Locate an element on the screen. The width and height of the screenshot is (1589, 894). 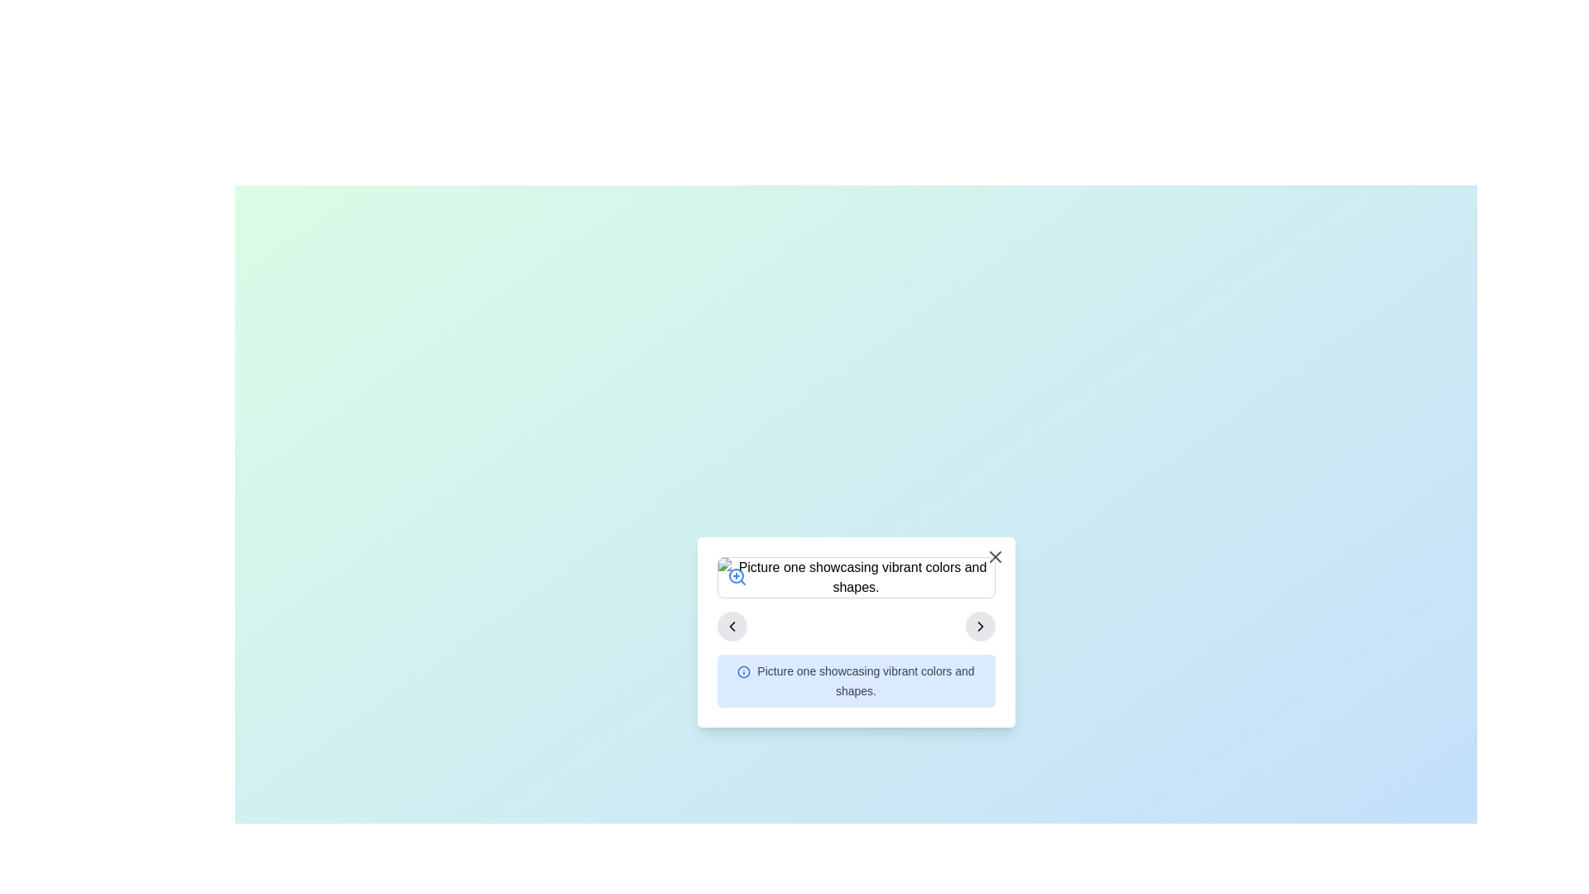
the Text informational banner located at the bottom of its containing card, which has a white background and a rounded border is located at coordinates (856, 680).